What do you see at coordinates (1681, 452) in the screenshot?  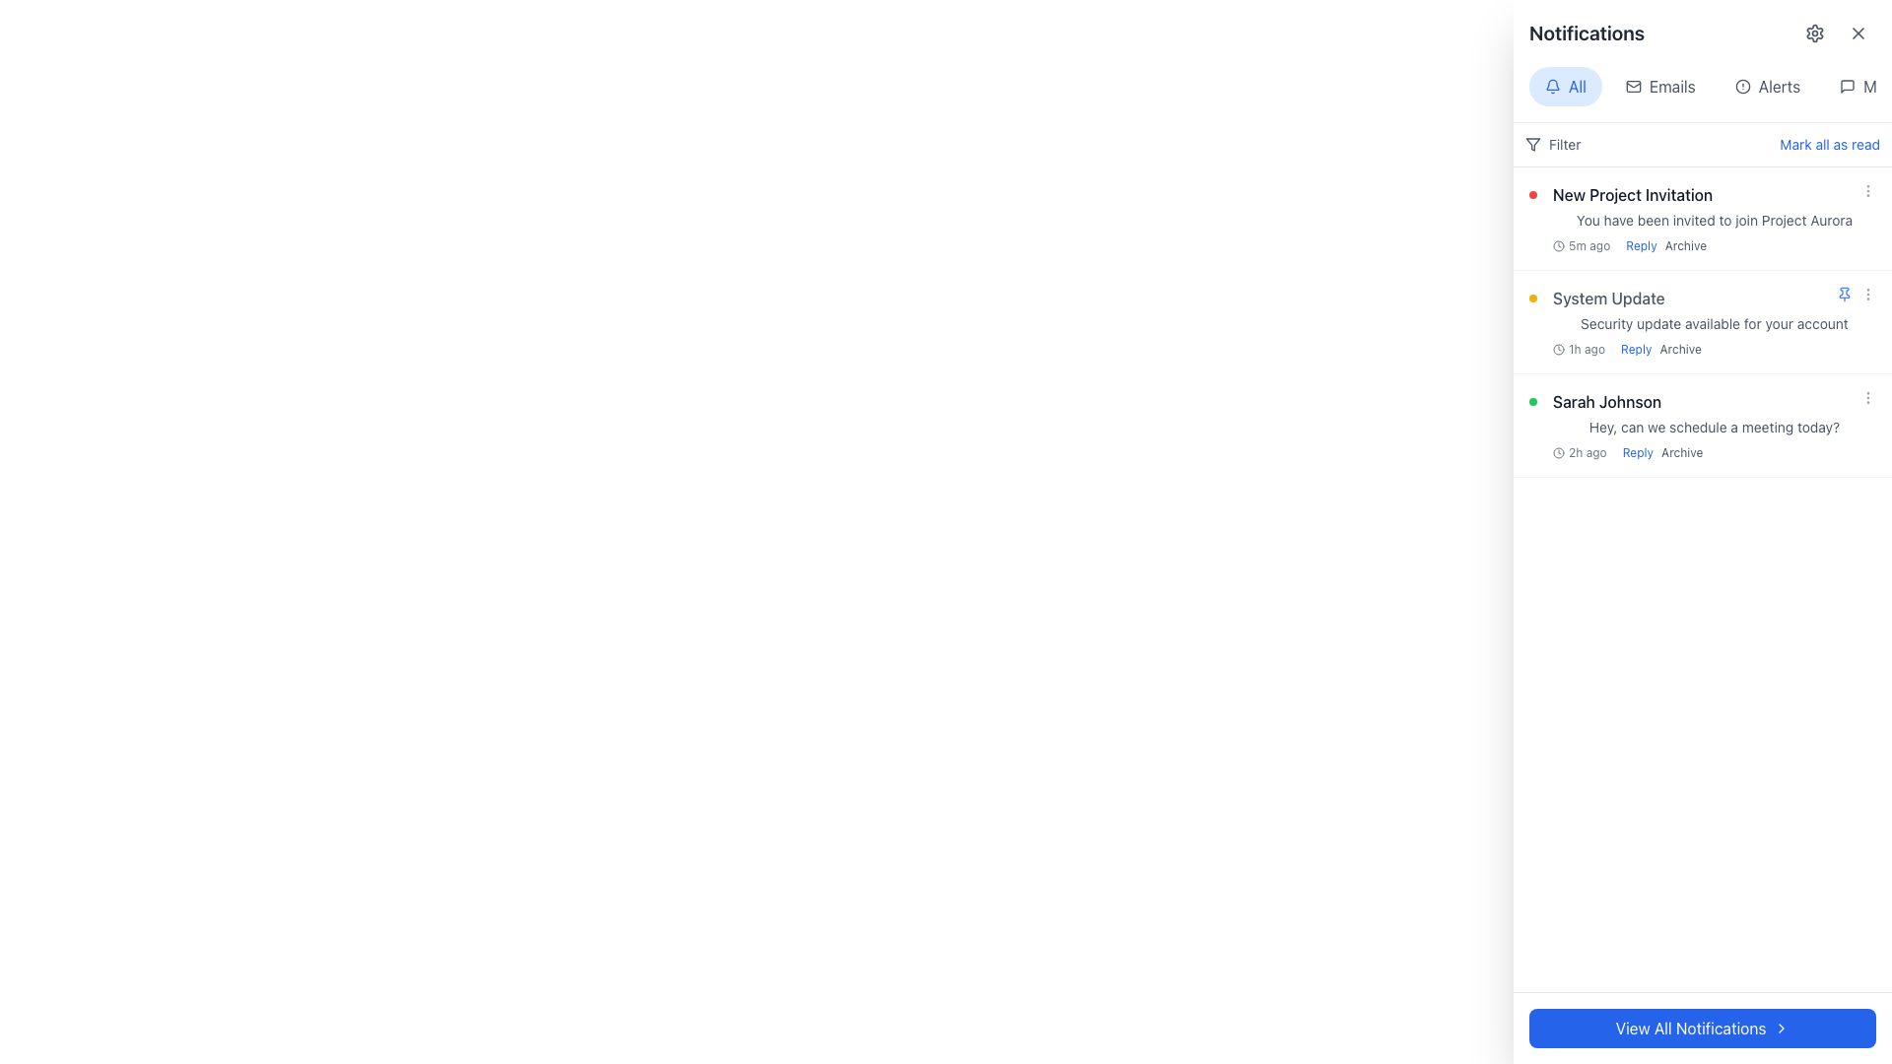 I see `the interactive text label for archiving the notification related to 'Sarah Johnson', located to the right of the 'Reply' label in the notifications list` at bounding box center [1681, 452].